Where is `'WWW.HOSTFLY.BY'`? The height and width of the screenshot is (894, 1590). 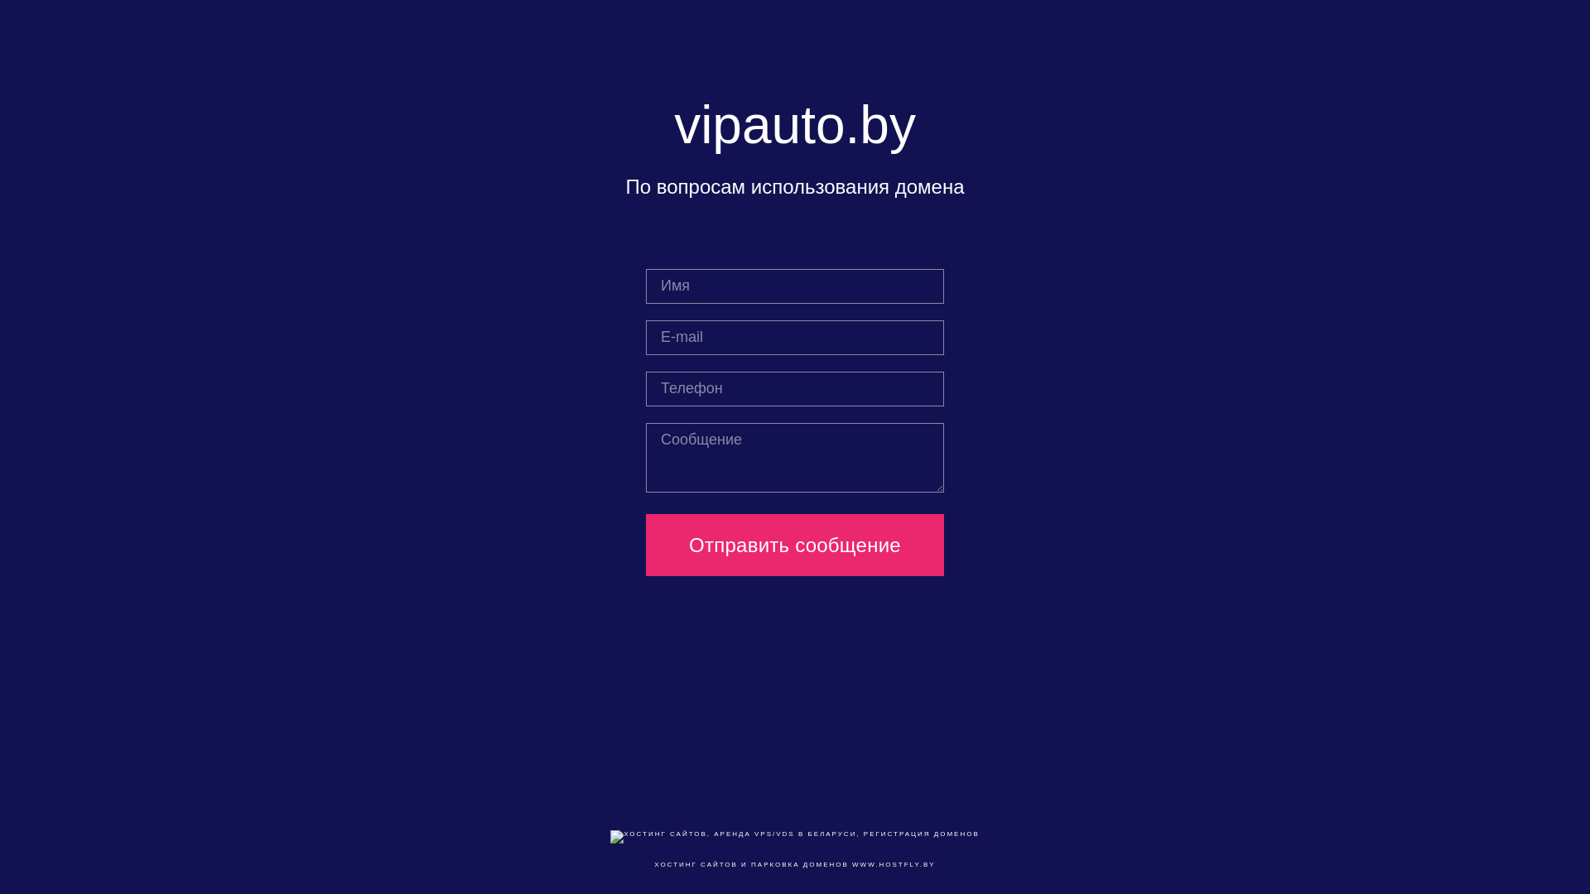 'WWW.HOSTFLY.BY' is located at coordinates (851, 863).